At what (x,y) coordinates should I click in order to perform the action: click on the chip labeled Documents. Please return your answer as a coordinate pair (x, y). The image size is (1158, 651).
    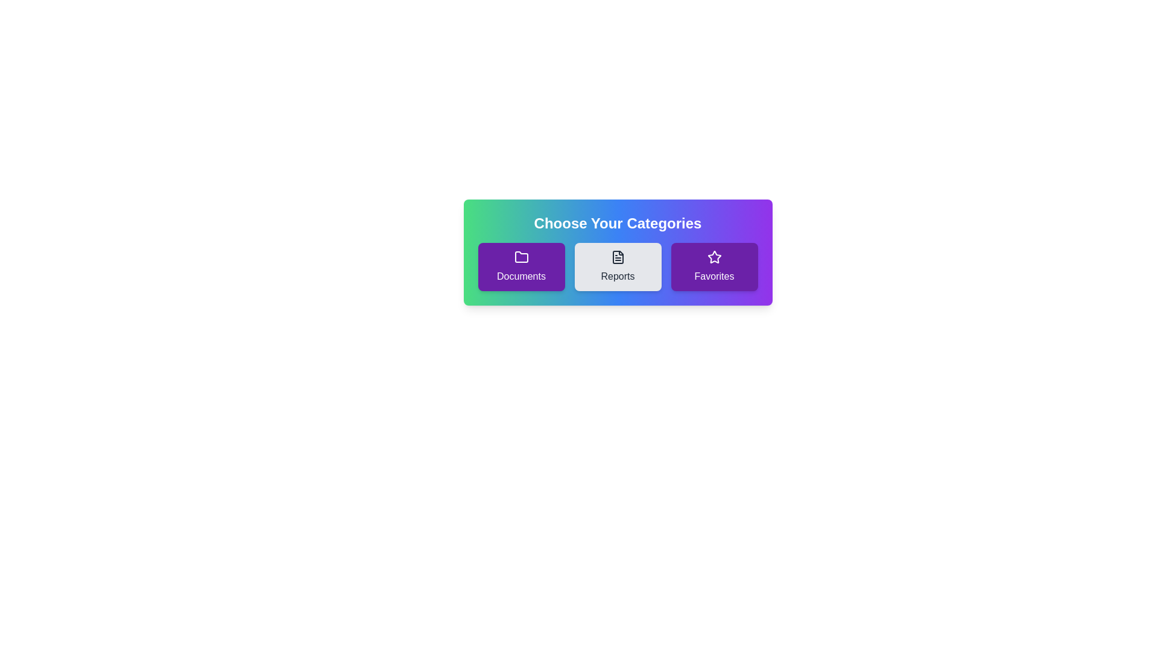
    Looking at the image, I should click on (521, 266).